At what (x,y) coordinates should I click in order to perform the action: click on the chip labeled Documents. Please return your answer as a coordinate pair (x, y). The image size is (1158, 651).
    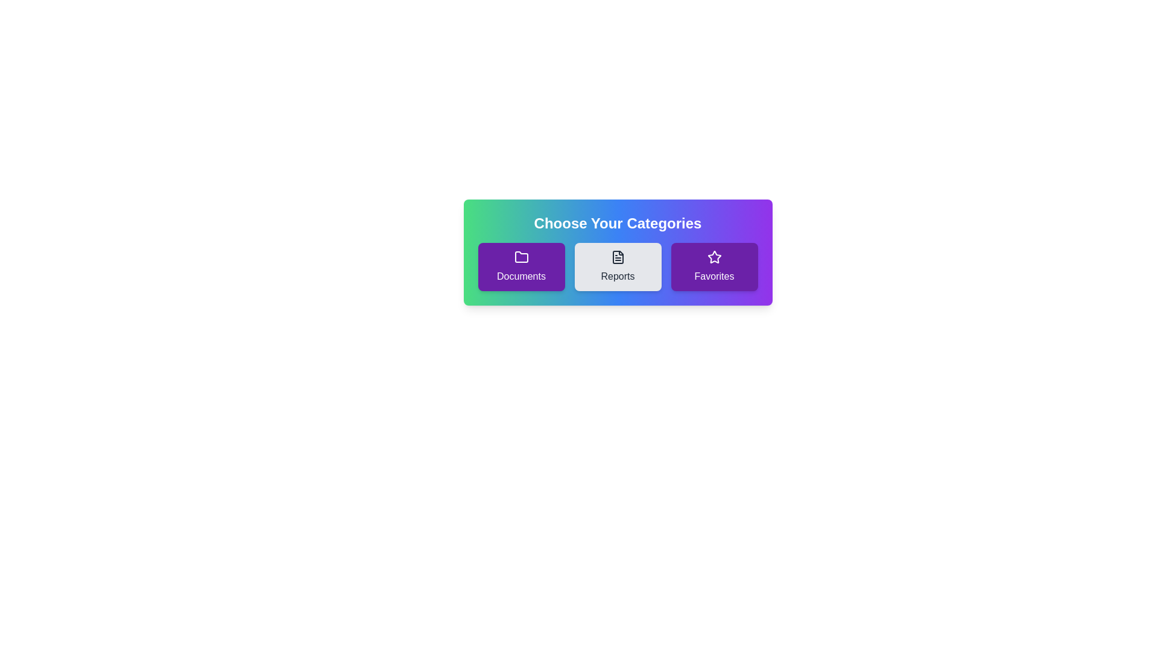
    Looking at the image, I should click on (521, 266).